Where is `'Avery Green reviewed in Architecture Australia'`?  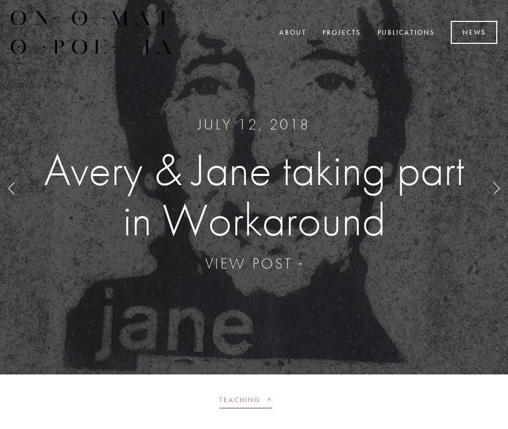
'Avery Green reviewed in Architecture Australia' is located at coordinates (253, 193).